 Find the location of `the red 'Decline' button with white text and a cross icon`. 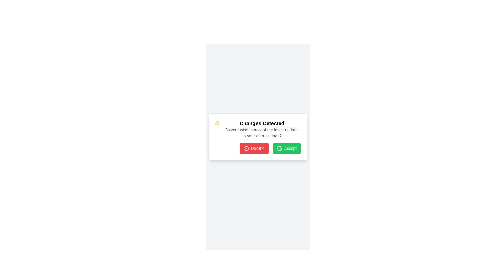

the red 'Decline' button with white text and a cross icon is located at coordinates (254, 148).